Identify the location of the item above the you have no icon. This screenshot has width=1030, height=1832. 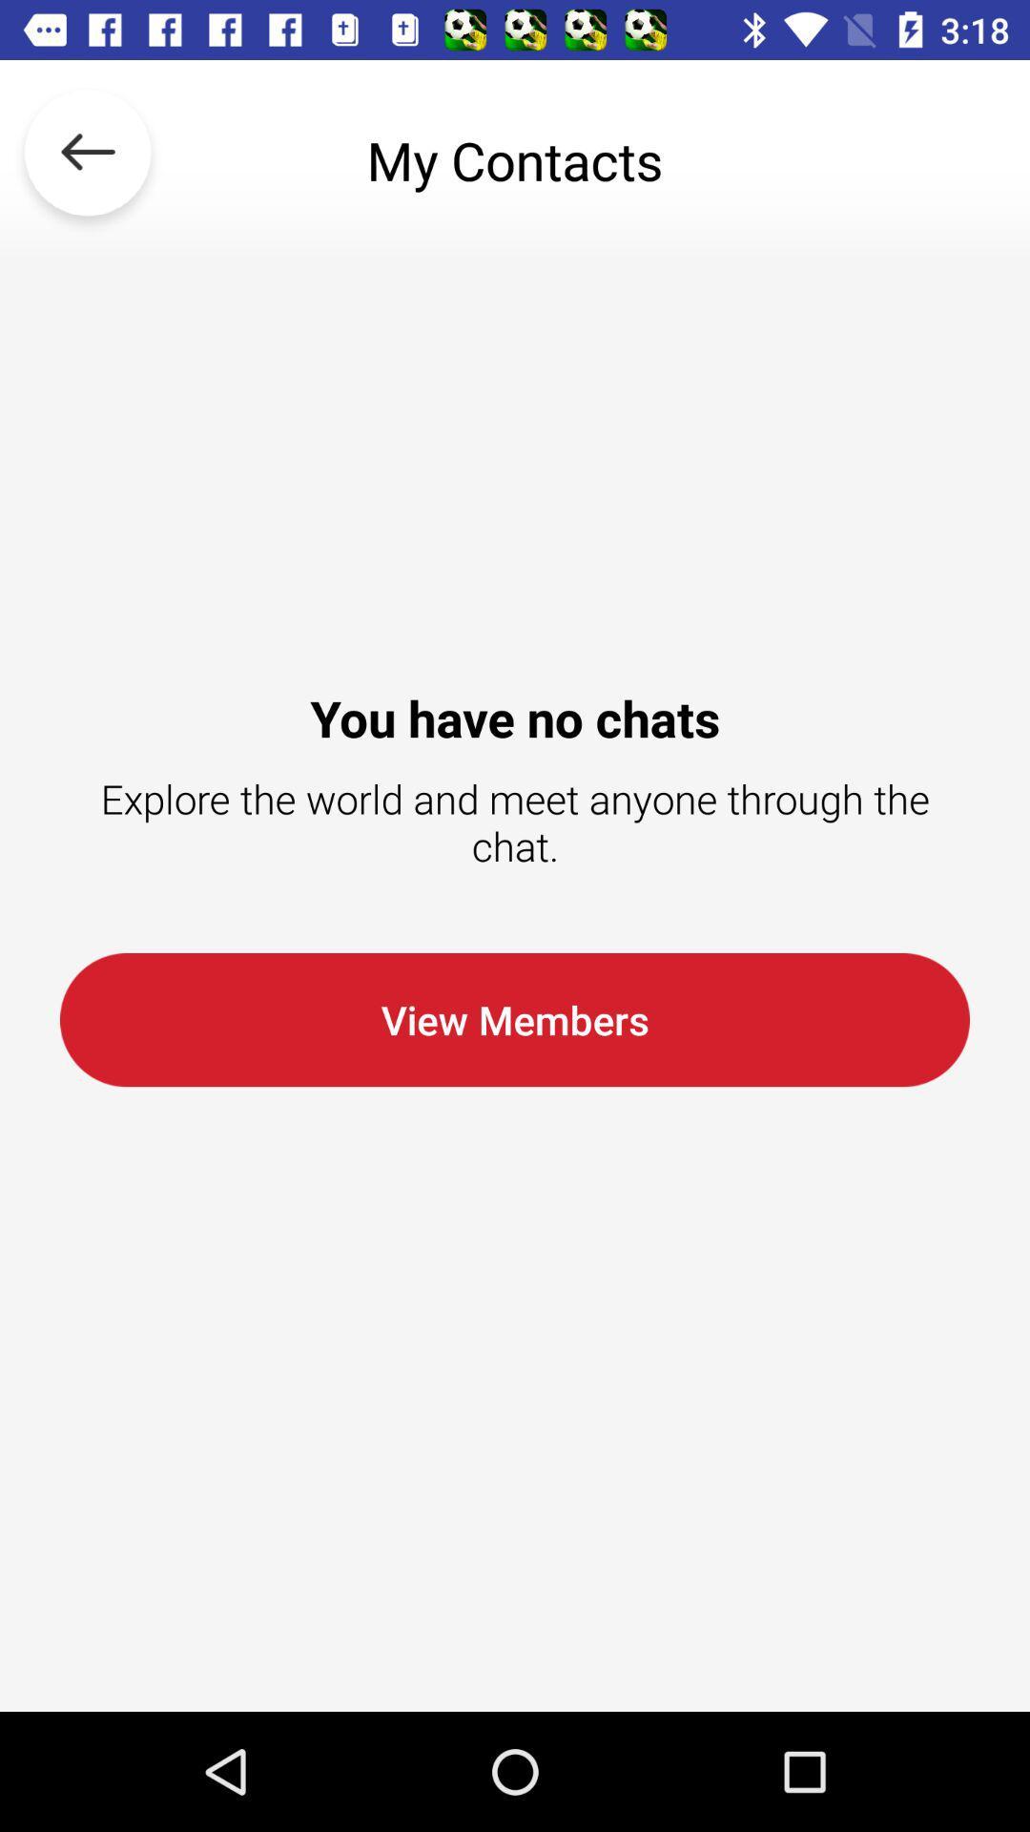
(88, 160).